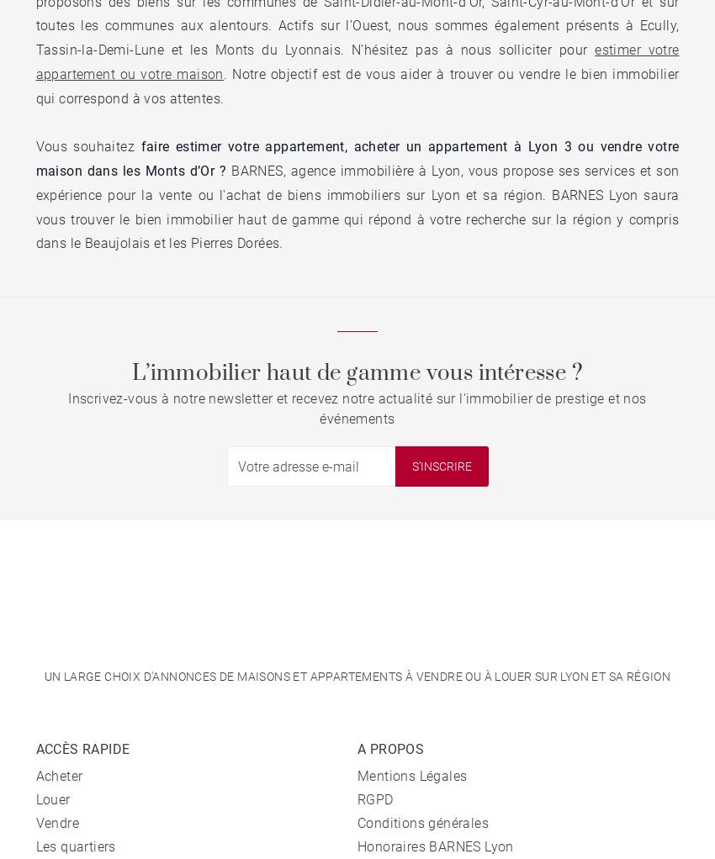  Describe the element at coordinates (412, 776) in the screenshot. I see `'Mentions Légales'` at that location.